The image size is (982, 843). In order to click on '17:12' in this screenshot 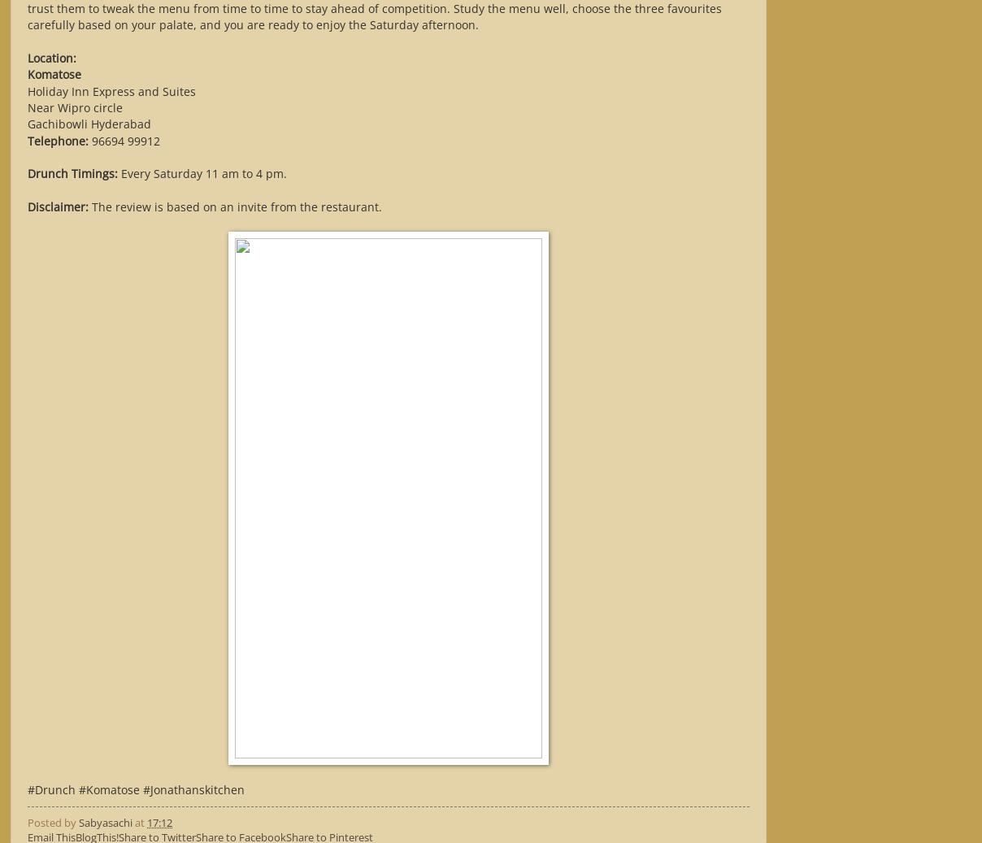, I will do `click(159, 821)`.